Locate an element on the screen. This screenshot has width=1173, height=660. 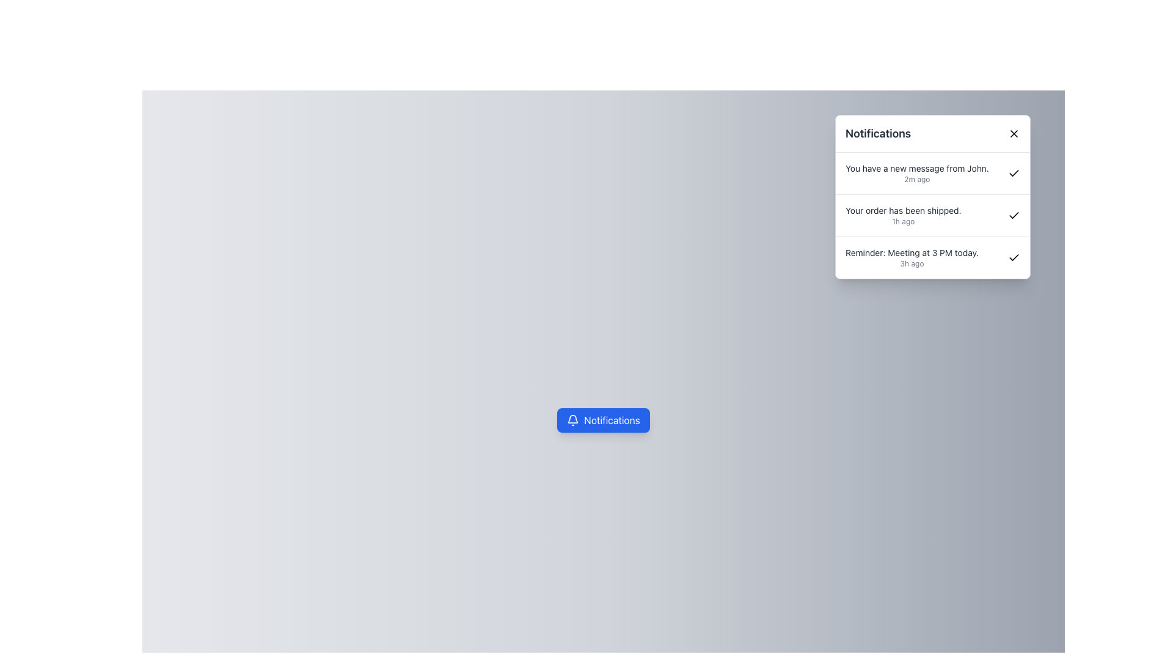
the 'X' close icon located in the top-right corner of the notification panel is located at coordinates (1014, 134).